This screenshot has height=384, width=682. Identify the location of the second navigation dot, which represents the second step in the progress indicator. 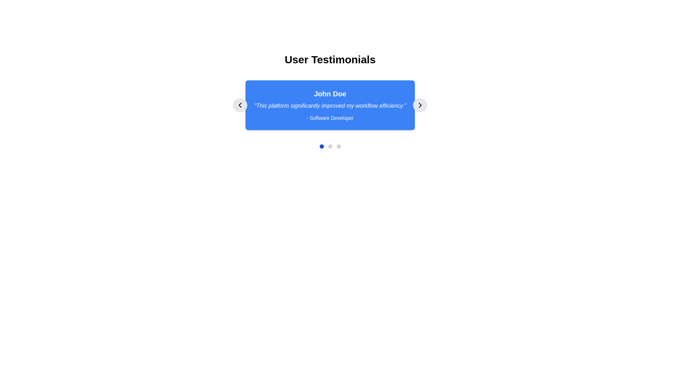
(330, 146).